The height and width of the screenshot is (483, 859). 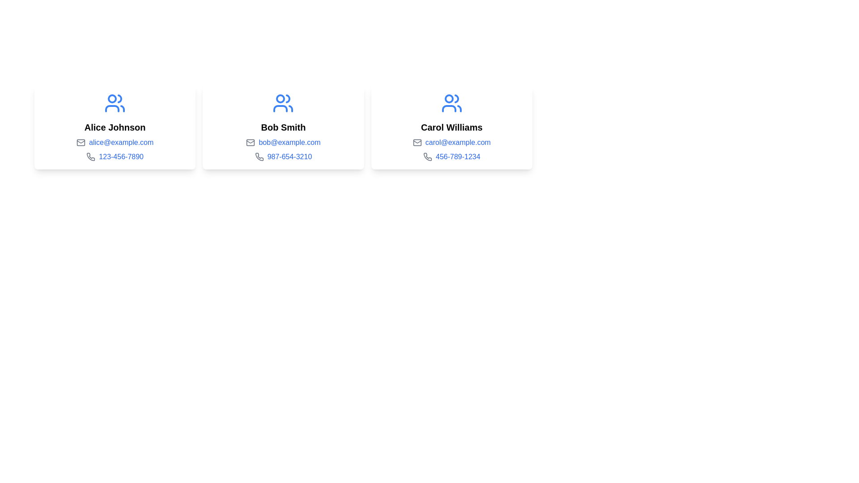 I want to click on the user icon representing Alice Johnson, which is located at the top center of her contact card, just above her name, so click(x=115, y=103).